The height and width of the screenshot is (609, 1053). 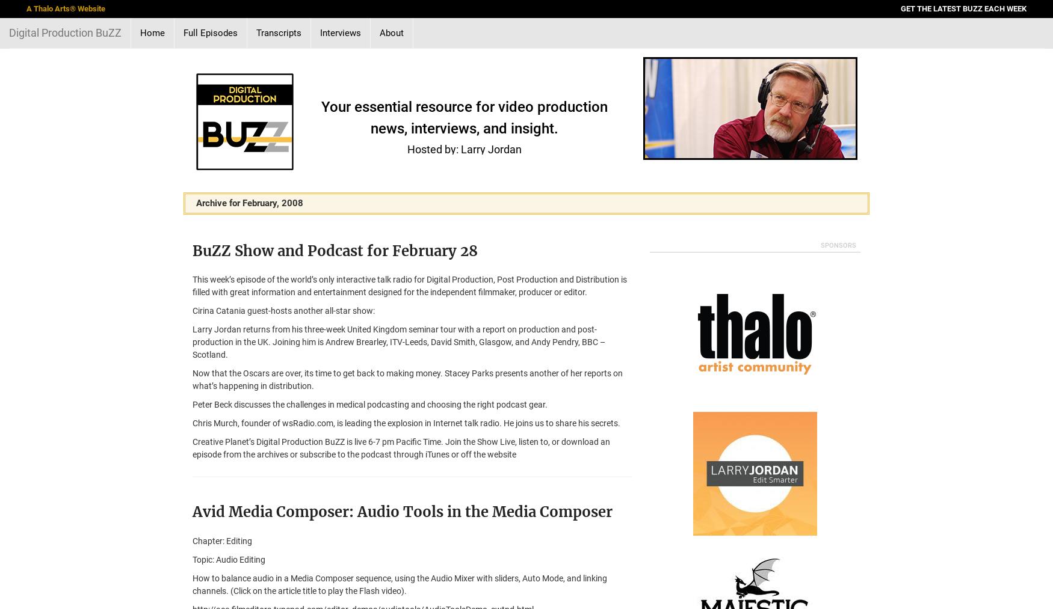 I want to click on 'Now that the Oscars are over, its time to get back to making money. Stacey Parks presents another of her reports on what’s happening in distribution.', so click(x=407, y=379).